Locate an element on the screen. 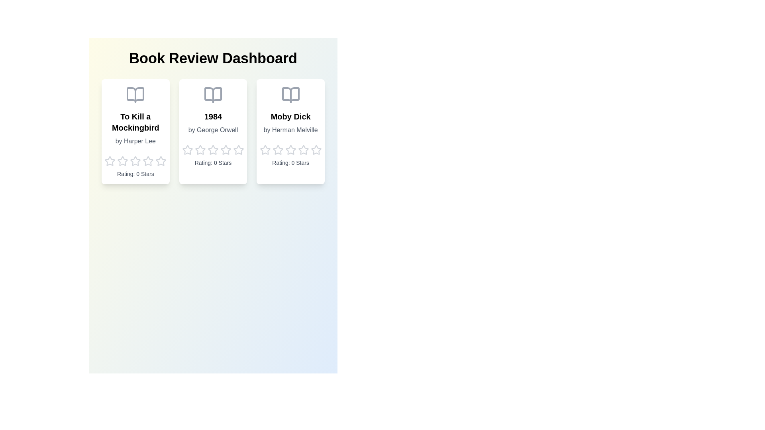 Image resolution: width=765 pixels, height=430 pixels. the star icon corresponding to the rating 2 for the book 3 is located at coordinates (277, 150).